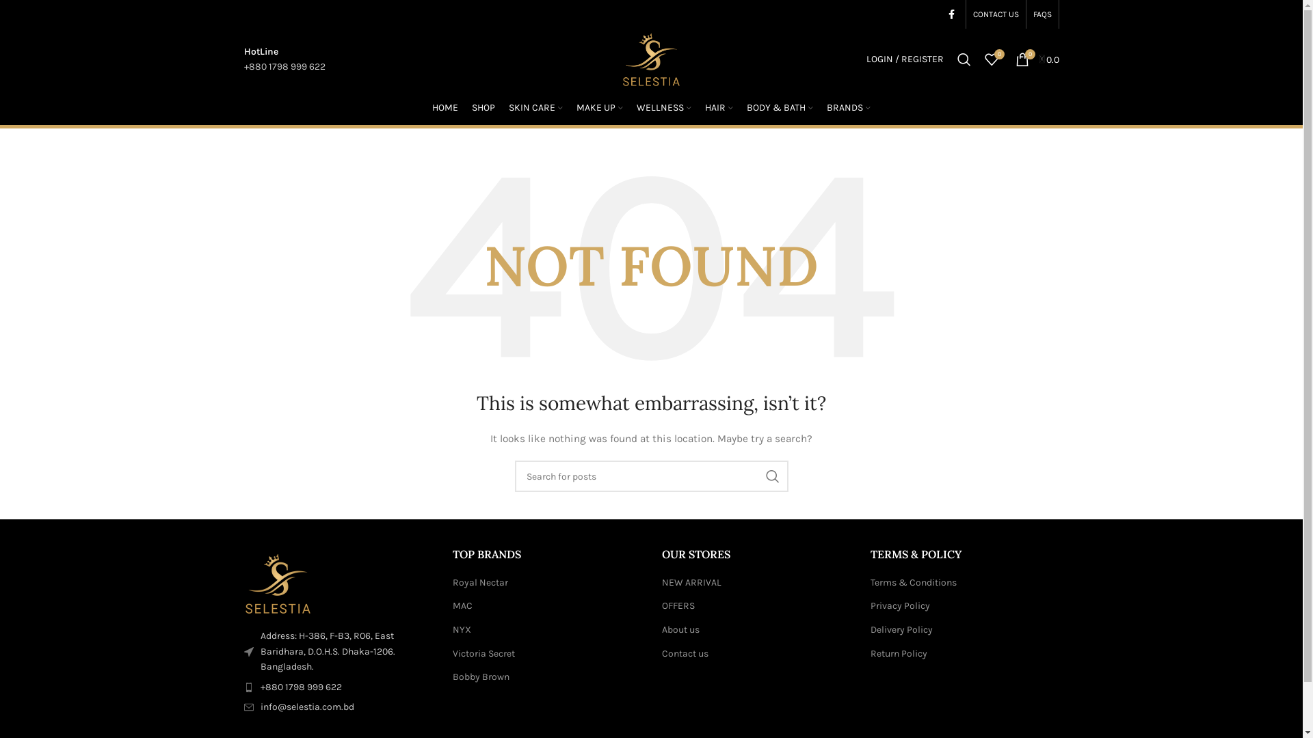  What do you see at coordinates (904, 59) in the screenshot?
I see `'LOGIN / REGISTER'` at bounding box center [904, 59].